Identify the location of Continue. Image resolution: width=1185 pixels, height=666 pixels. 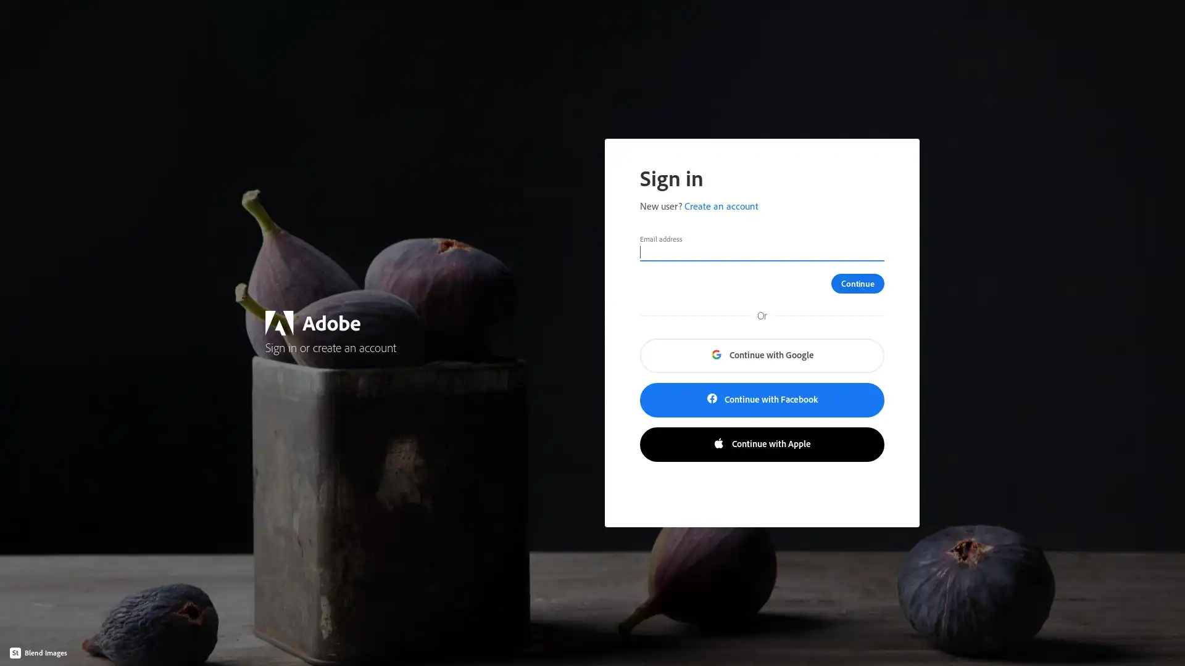
(857, 283).